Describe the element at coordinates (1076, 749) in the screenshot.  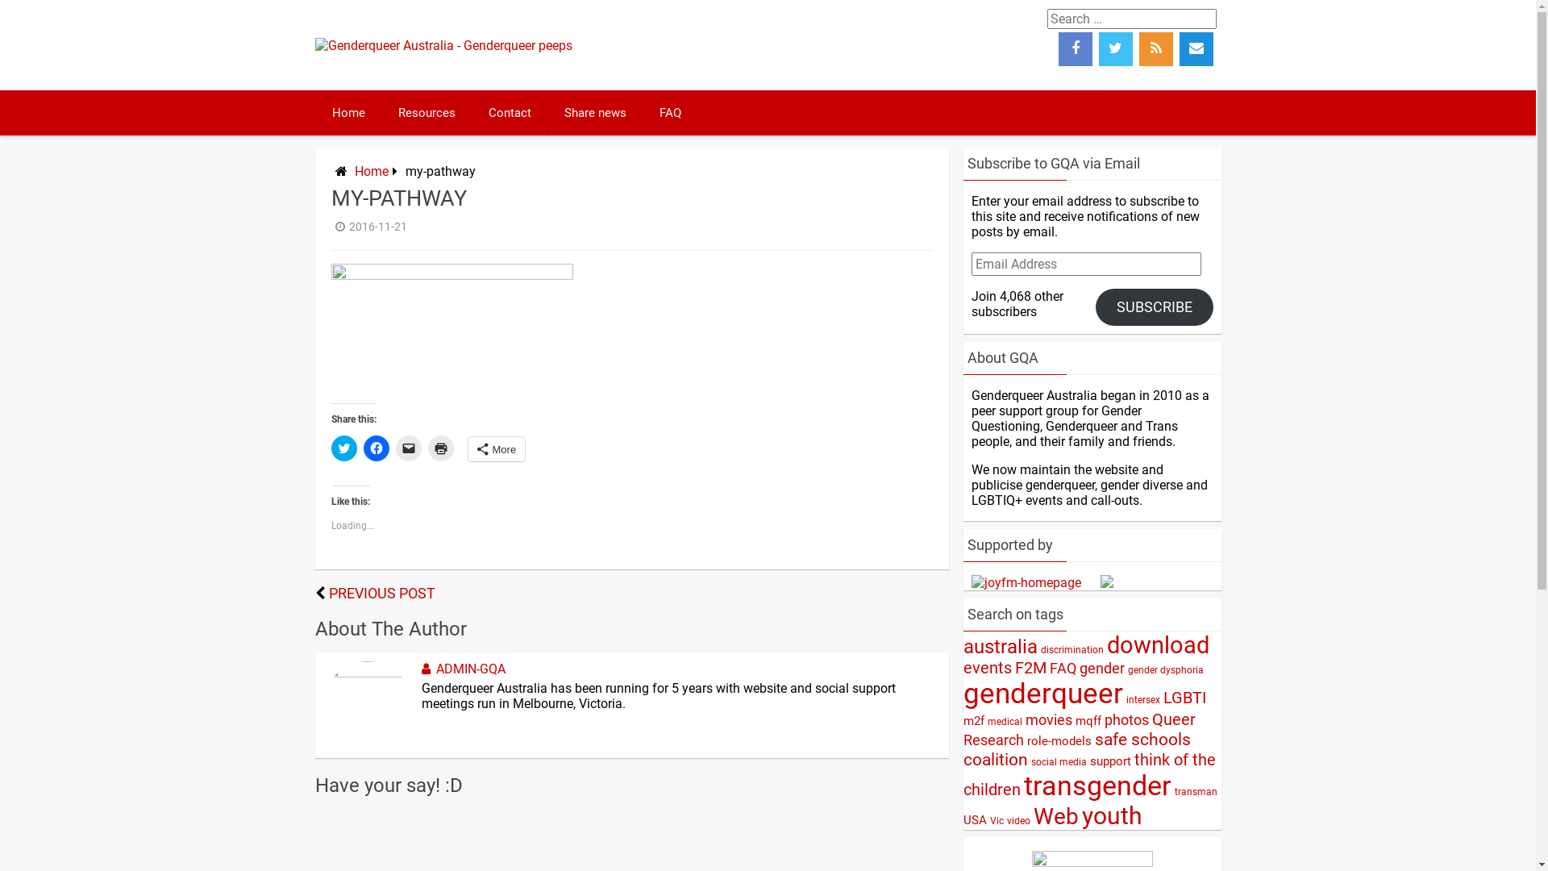
I see `'safe schools coalition'` at that location.